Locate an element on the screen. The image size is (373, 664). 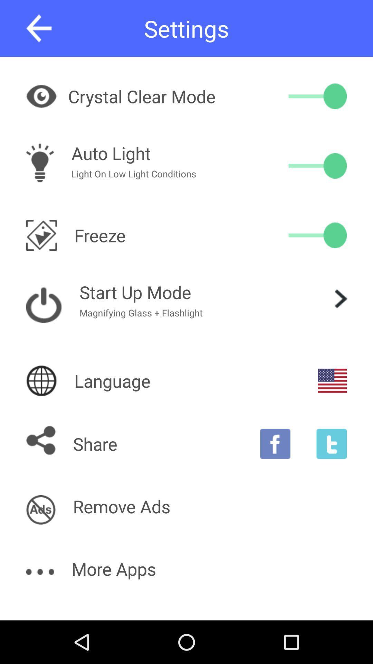
share on tumblr is located at coordinates (331, 444).